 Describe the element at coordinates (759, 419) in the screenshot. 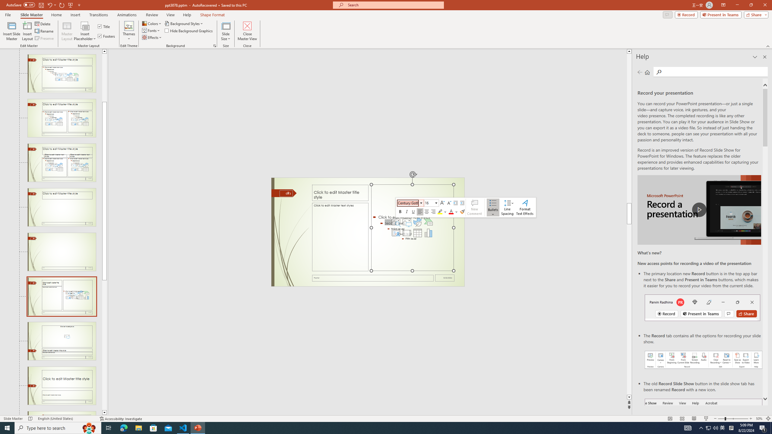

I see `'Zoom 50%'` at that location.